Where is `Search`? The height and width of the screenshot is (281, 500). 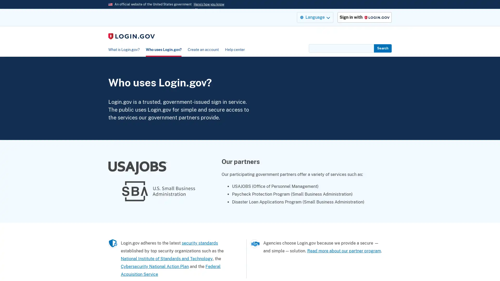 Search is located at coordinates (383, 48).